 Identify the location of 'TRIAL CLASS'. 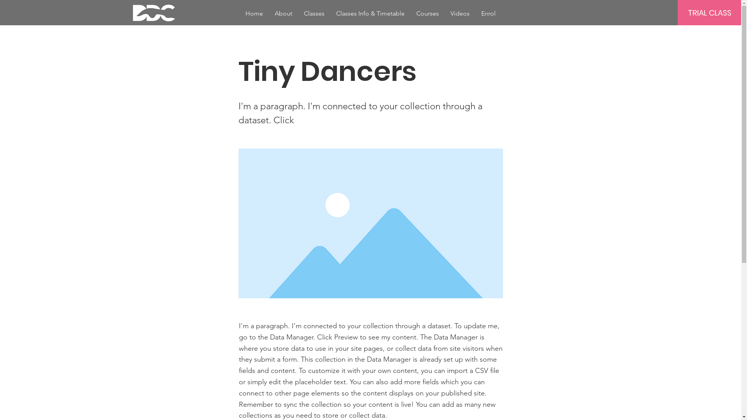
(709, 12).